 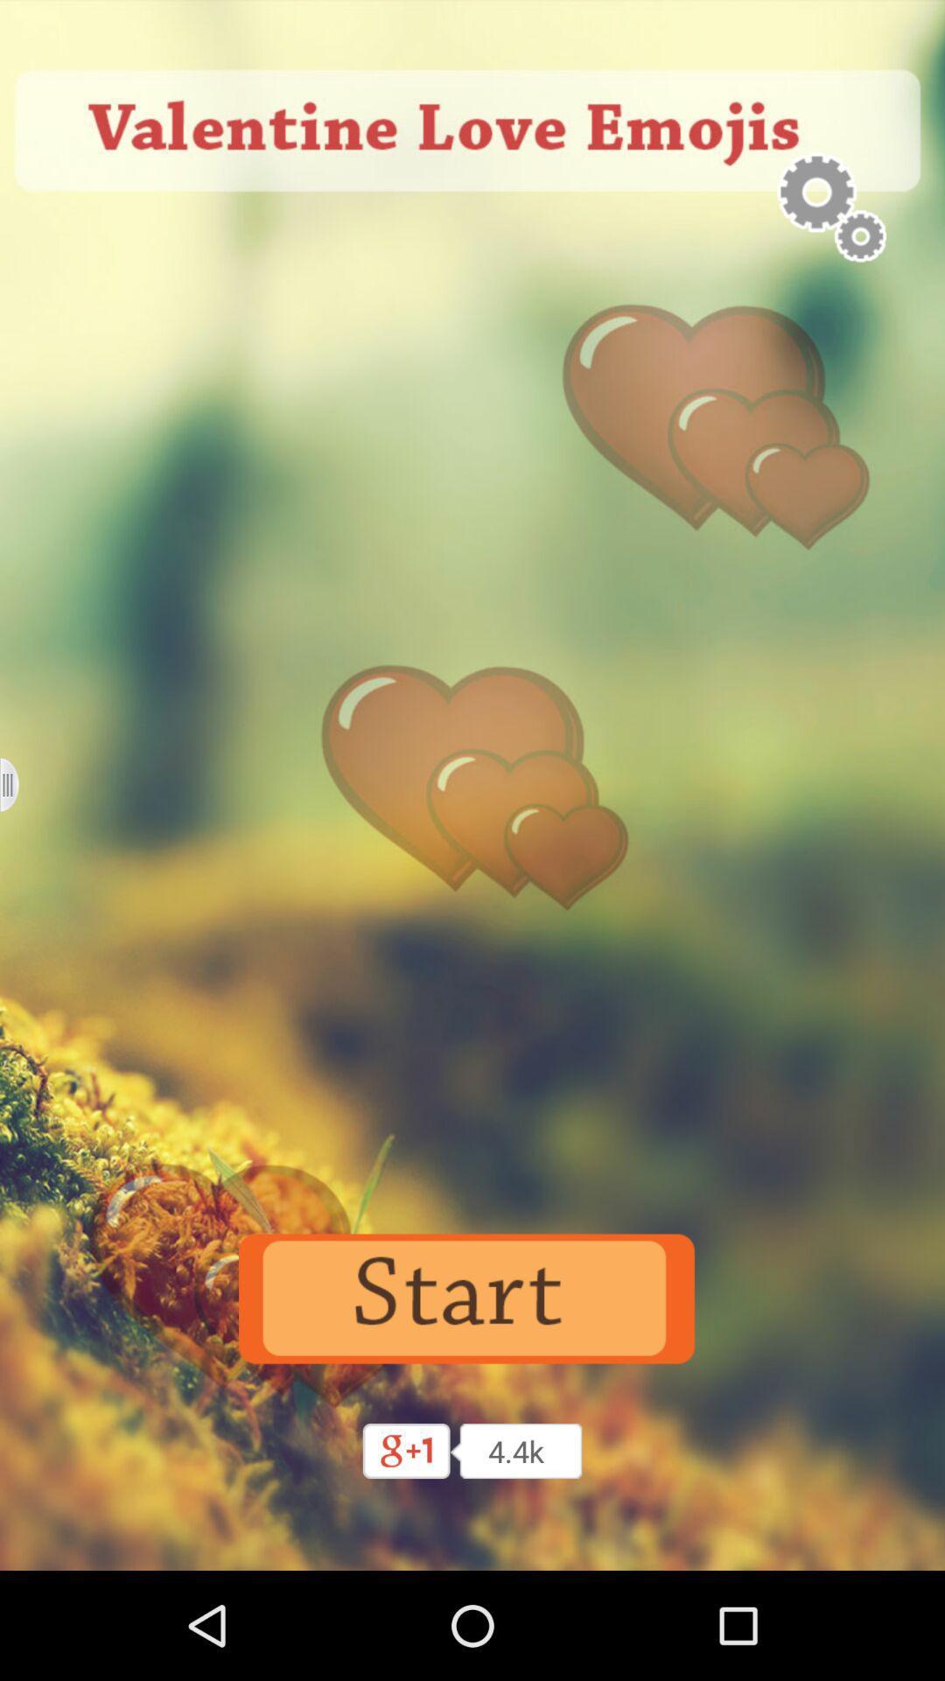 I want to click on the menu icon, so click(x=20, y=839).